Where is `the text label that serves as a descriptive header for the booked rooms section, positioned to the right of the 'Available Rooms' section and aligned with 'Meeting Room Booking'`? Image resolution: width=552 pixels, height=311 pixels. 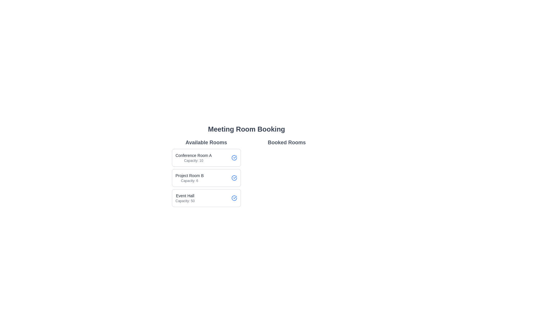 the text label that serves as a descriptive header for the booked rooms section, positioned to the right of the 'Available Rooms' section and aligned with 'Meeting Room Booking' is located at coordinates (287, 142).